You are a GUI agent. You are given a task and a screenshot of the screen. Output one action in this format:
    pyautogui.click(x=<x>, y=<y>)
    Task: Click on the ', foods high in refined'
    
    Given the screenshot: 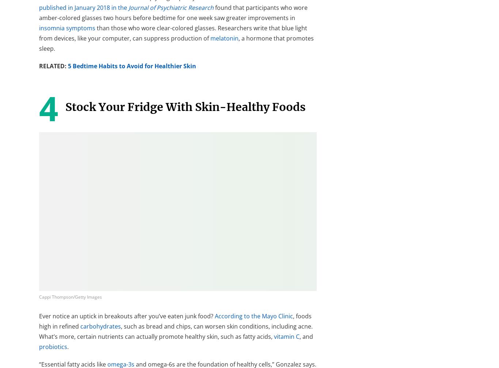 What is the action you would take?
    pyautogui.click(x=175, y=321)
    